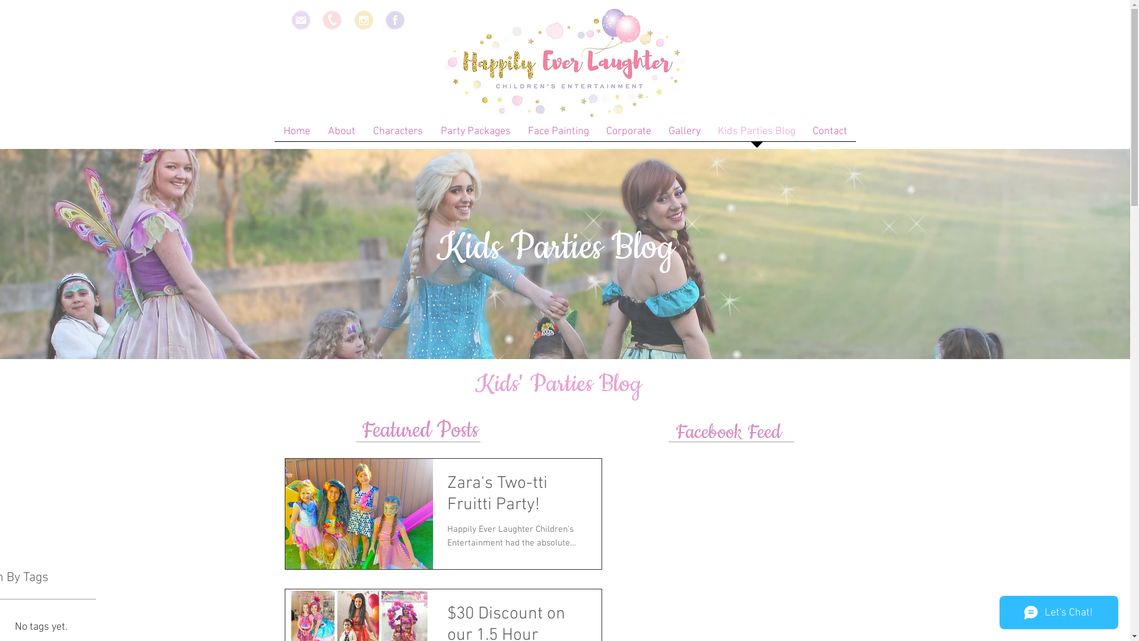 Image resolution: width=1139 pixels, height=641 pixels. What do you see at coordinates (628, 134) in the screenshot?
I see `'Corporate'` at bounding box center [628, 134].